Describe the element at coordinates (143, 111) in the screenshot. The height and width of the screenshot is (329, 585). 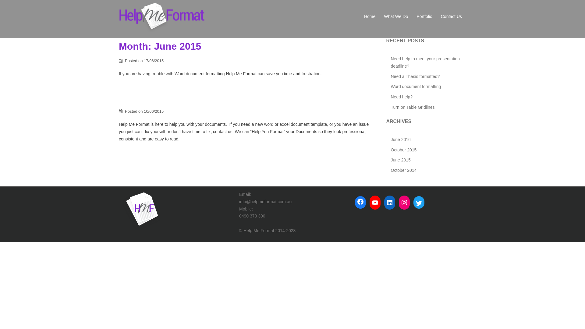
I see `'10/06/2015'` at that location.